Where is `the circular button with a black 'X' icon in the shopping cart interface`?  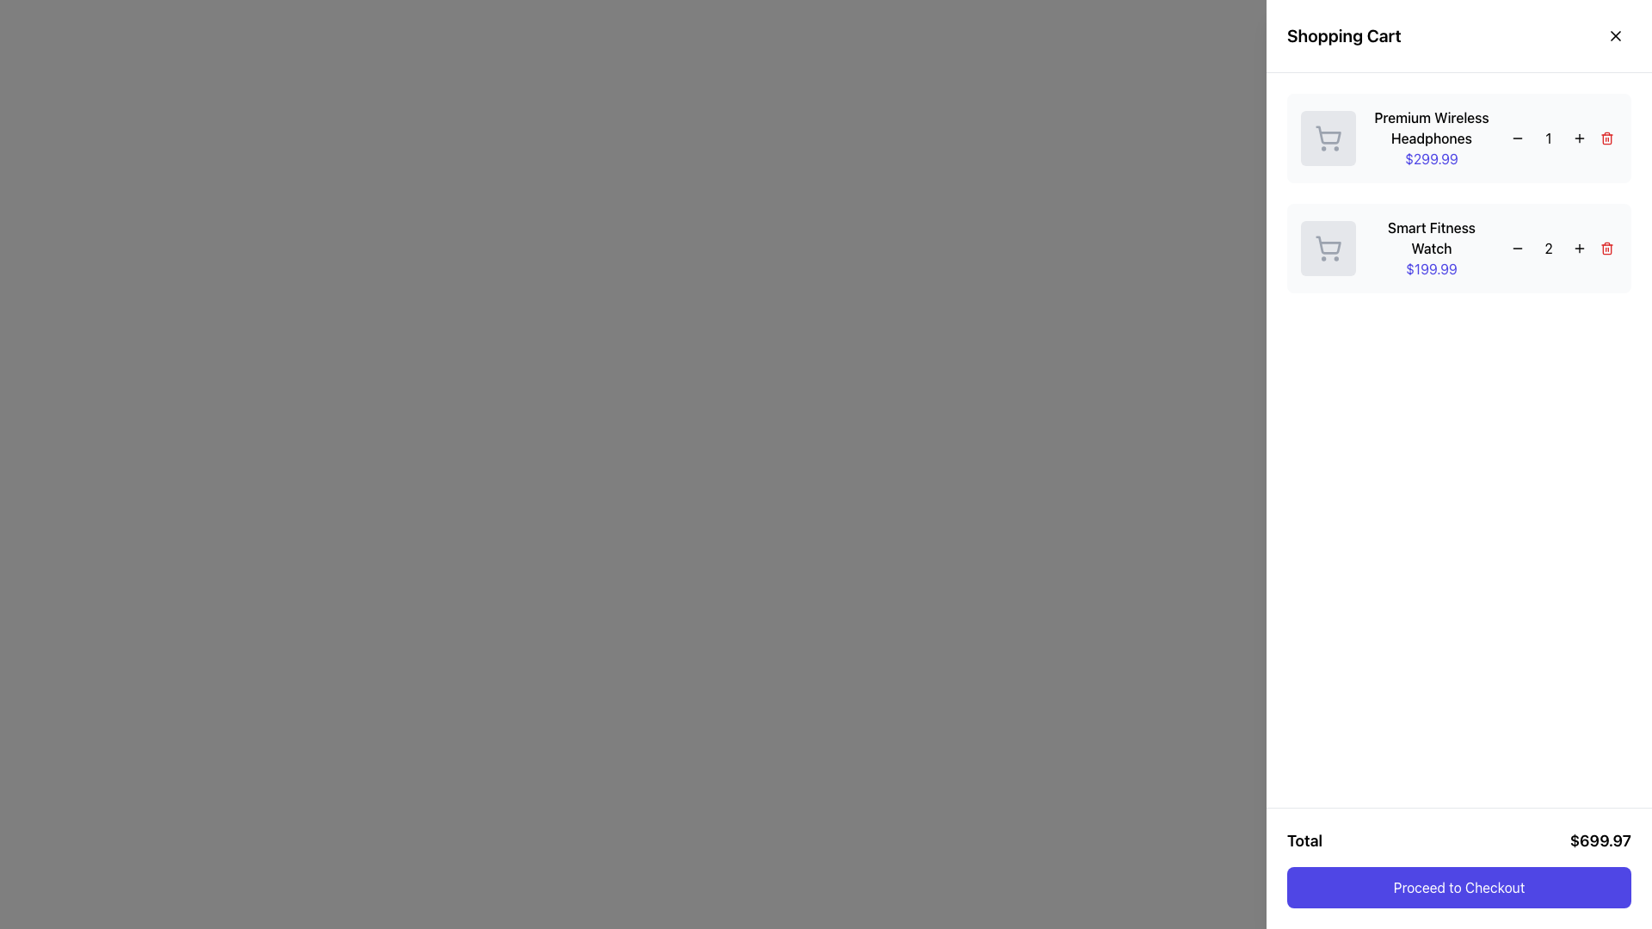 the circular button with a black 'X' icon in the shopping cart interface is located at coordinates (1614, 36).